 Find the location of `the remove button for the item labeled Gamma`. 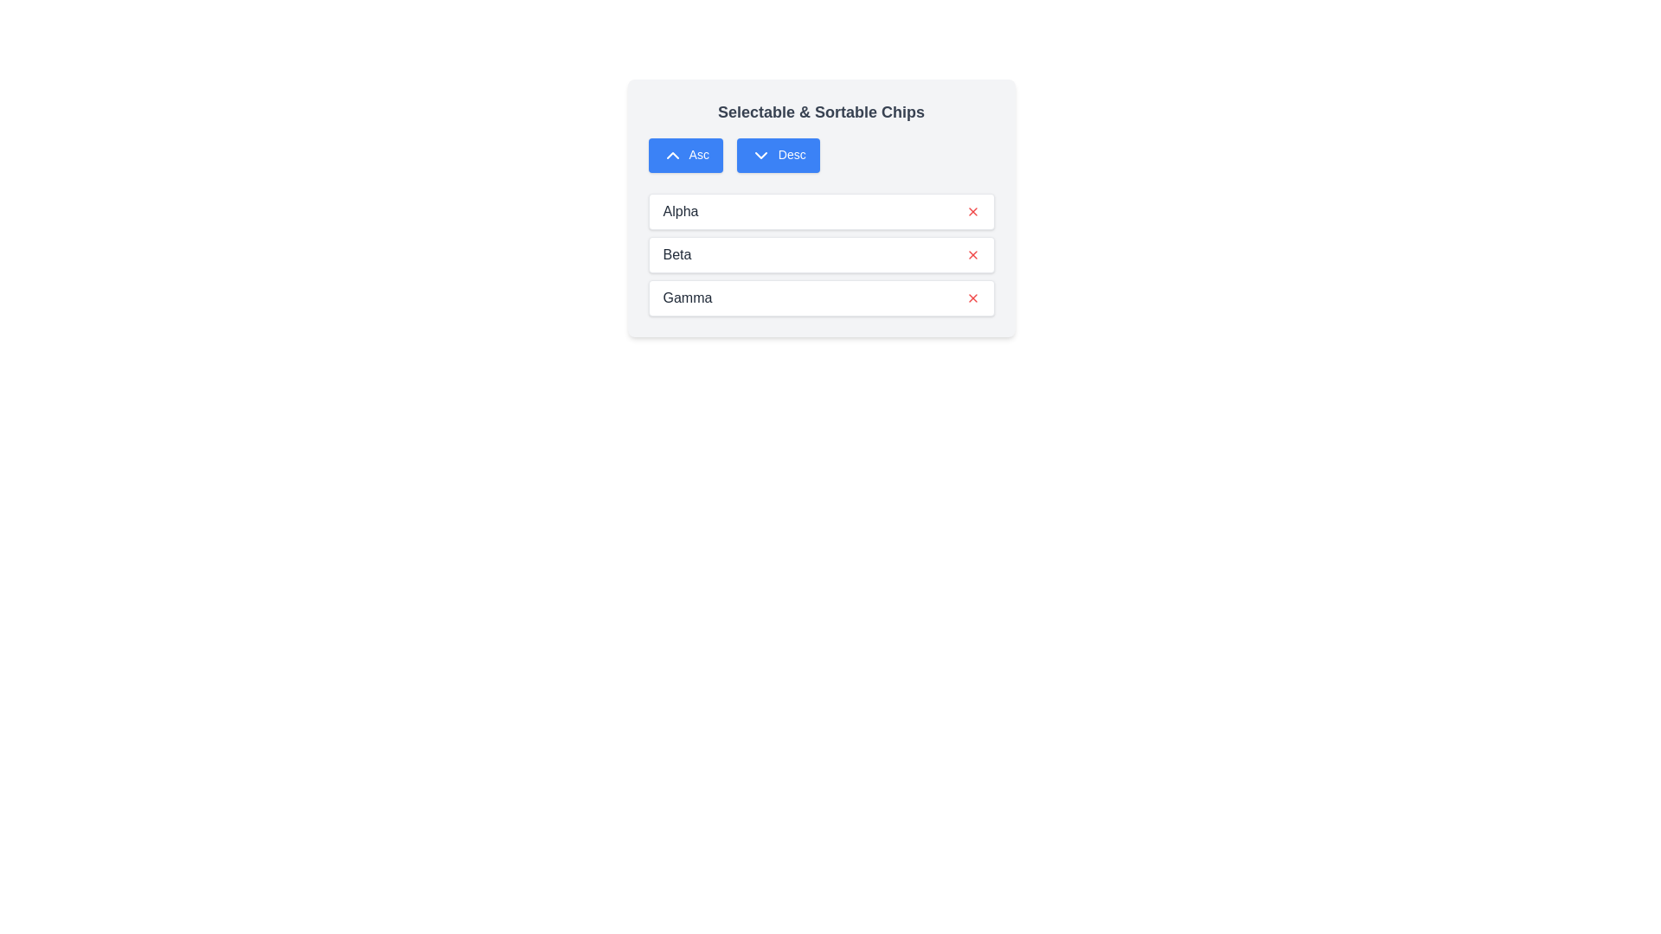

the remove button for the item labeled Gamma is located at coordinates (972, 297).